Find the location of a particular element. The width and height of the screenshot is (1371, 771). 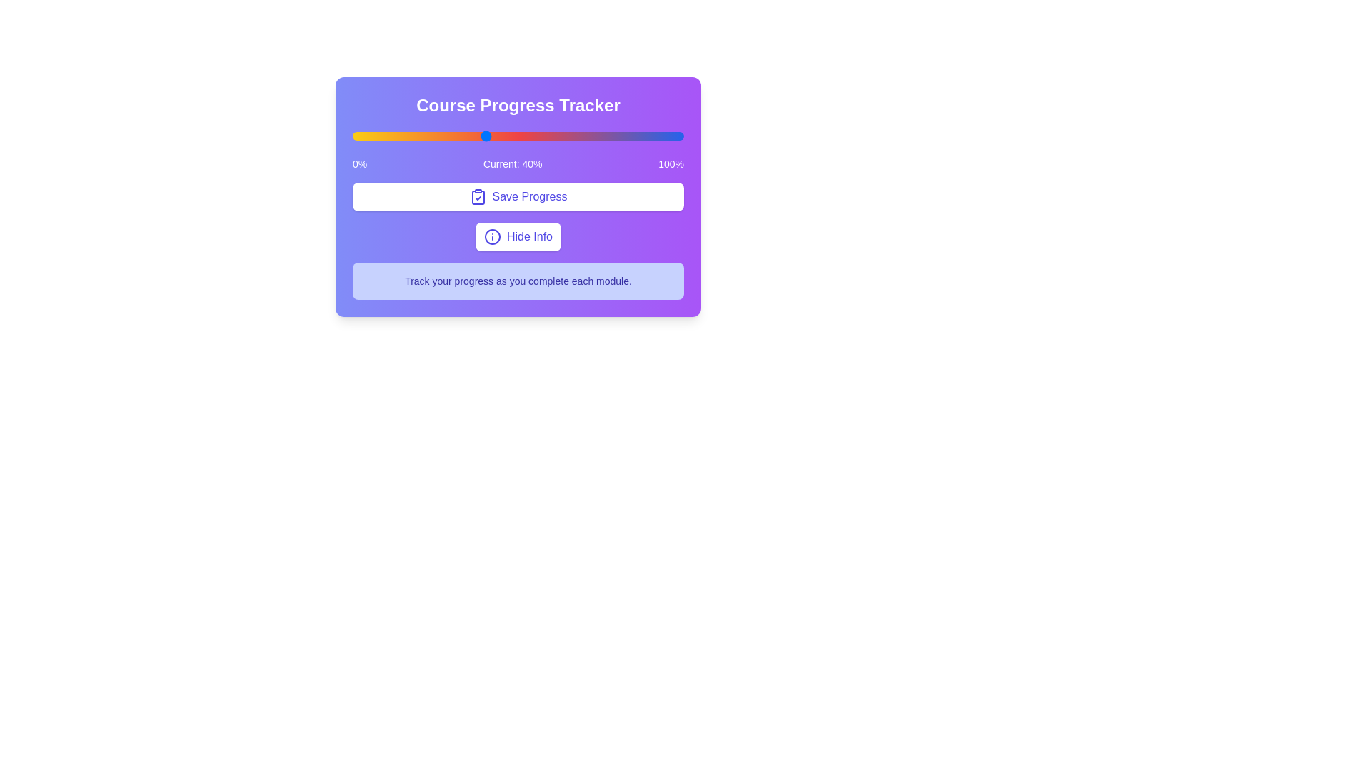

the textual label displaying 'Current: 40%' which is centrally located between '0%' and '100%' above the buttons 'Save Progress' and 'Hide Info' is located at coordinates (513, 163).